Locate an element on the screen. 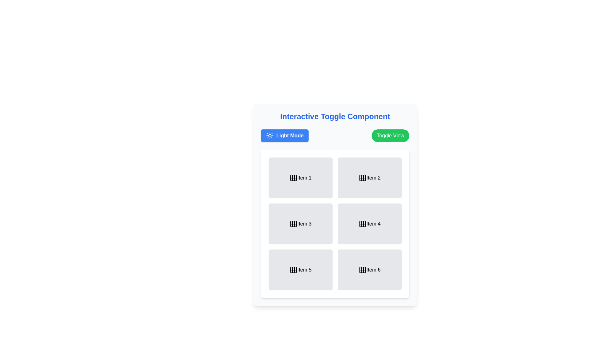  the grid layout icon located to the left of the text 'Item 1' in the top-left section of the 2x3 grid arrangement is located at coordinates (293, 178).